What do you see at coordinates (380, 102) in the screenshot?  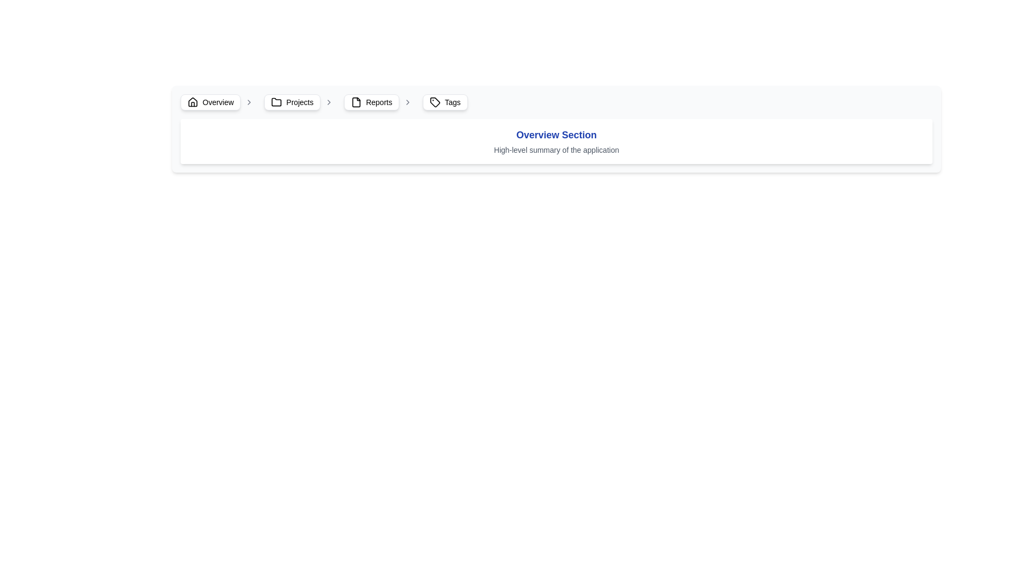 I see `the 'Reports' breadcrumb navigation item` at bounding box center [380, 102].